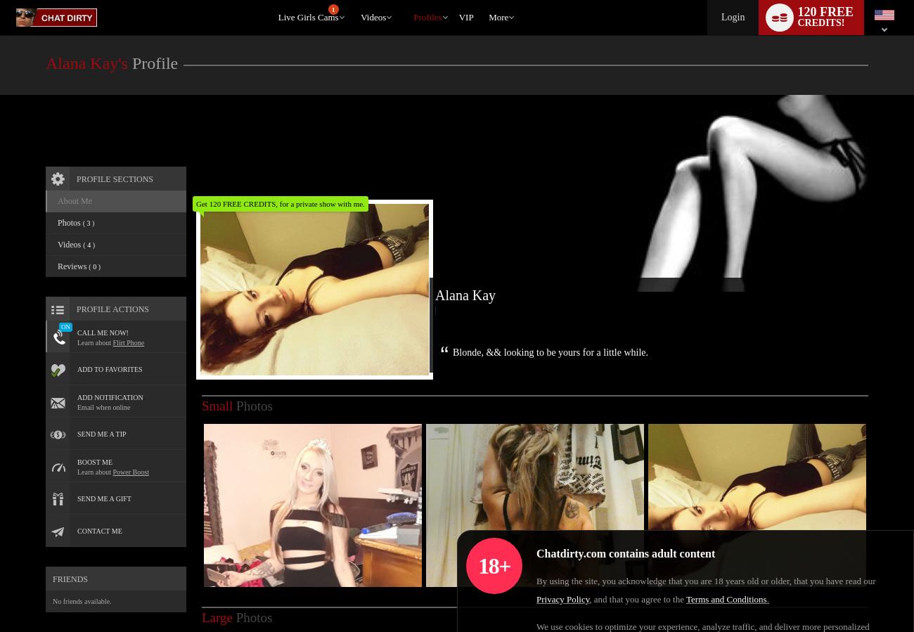 The image size is (914, 632). Describe the element at coordinates (128, 342) in the screenshot. I see `'Flirt Phone'` at that location.